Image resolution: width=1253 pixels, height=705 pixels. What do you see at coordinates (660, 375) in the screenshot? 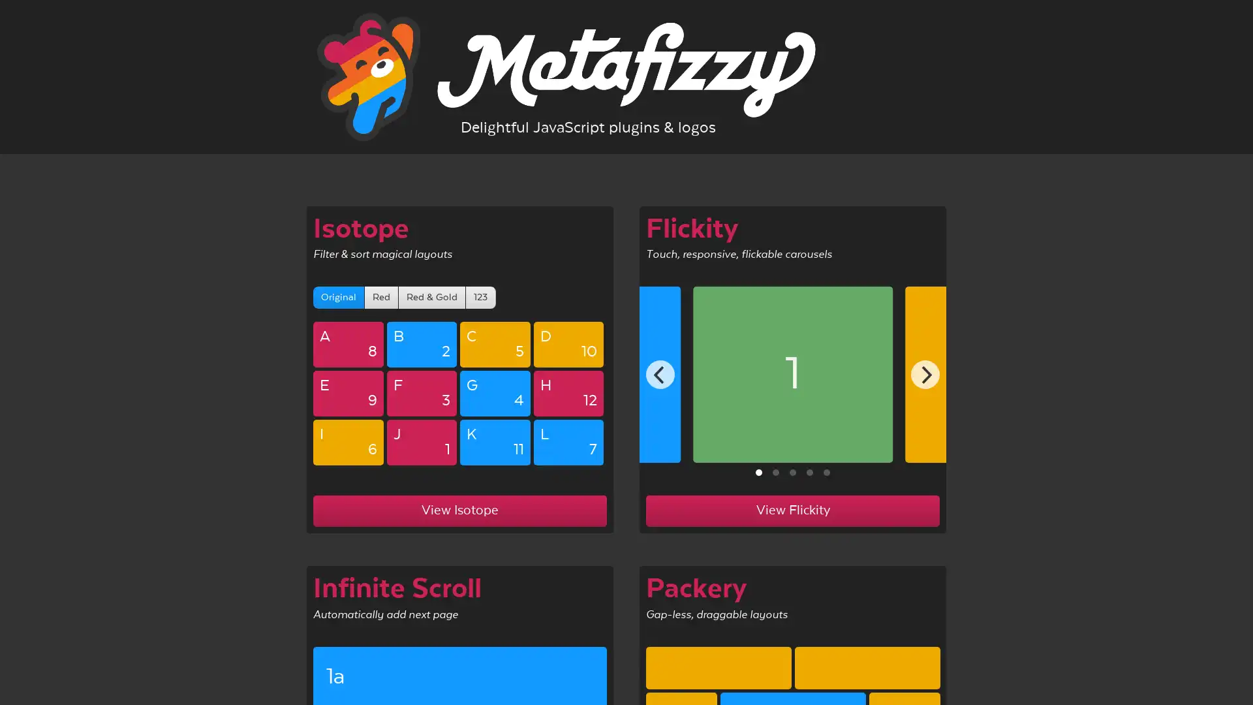
I see `Previous` at bounding box center [660, 375].